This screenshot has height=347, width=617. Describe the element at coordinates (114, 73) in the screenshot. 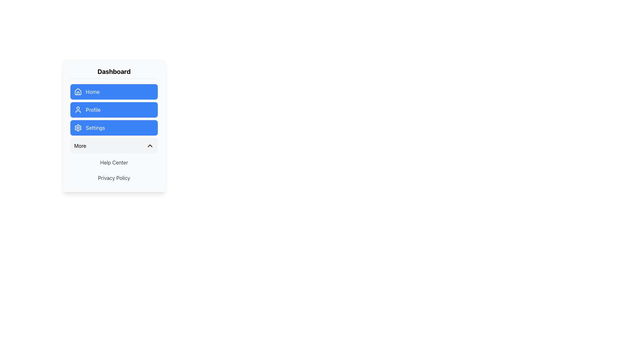

I see `the bold, black text heading that reads 'Dashboard' at the top of the interface, serving as the header for the section` at that location.